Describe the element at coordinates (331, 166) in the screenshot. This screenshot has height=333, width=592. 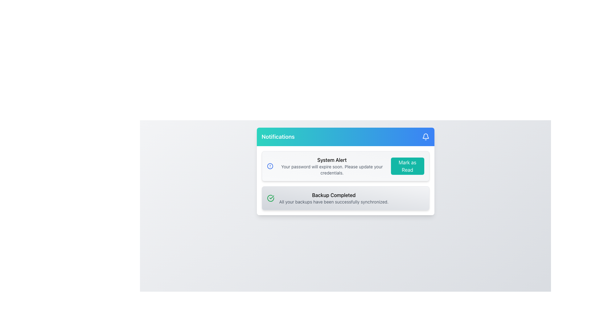
I see `notification with the bold "System Alert" header and the message "Your password will expire soon. Please update your credentials." located in the upper section of the Notifications widget` at that location.